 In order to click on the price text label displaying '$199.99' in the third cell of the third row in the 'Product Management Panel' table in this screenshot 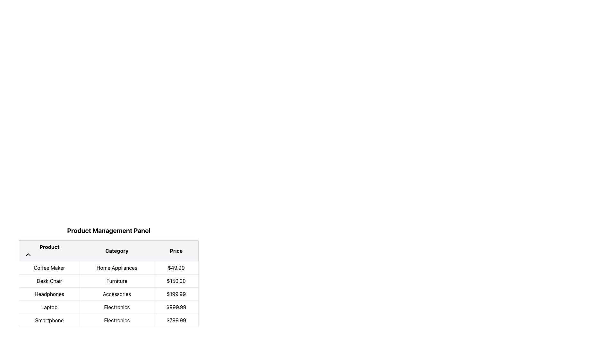, I will do `click(176, 294)`.